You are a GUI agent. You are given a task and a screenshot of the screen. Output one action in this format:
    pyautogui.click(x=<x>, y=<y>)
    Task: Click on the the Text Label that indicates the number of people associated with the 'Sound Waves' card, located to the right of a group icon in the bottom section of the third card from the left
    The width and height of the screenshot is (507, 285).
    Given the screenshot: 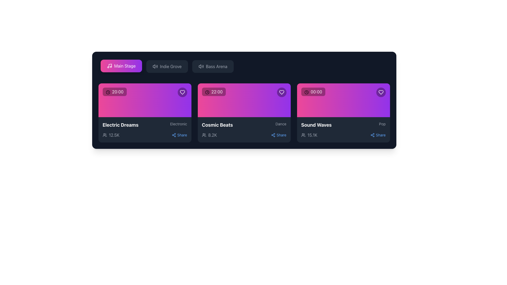 What is the action you would take?
    pyautogui.click(x=312, y=135)
    